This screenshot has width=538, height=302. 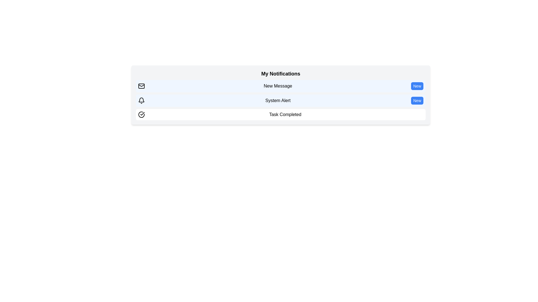 What do you see at coordinates (141, 85) in the screenshot?
I see `the vector graphic component of the envelope icon representing a mail notification, which is located to the left of the text 'New Message' in the first row of notification items` at bounding box center [141, 85].